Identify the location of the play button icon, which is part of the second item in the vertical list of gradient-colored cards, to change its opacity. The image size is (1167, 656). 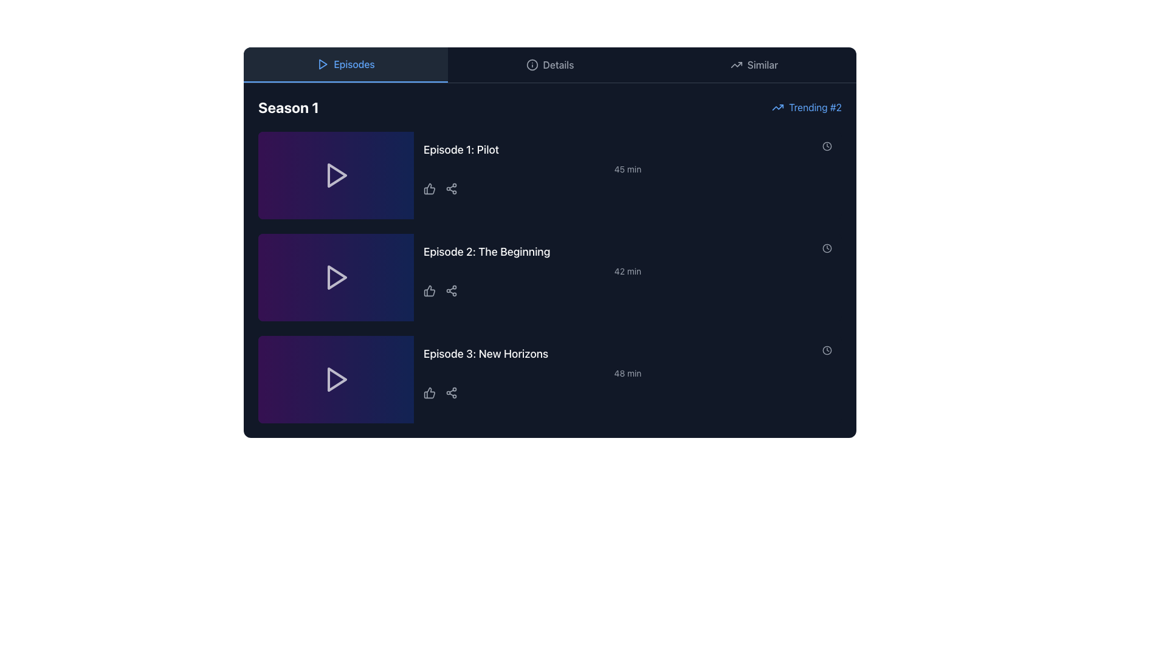
(336, 277).